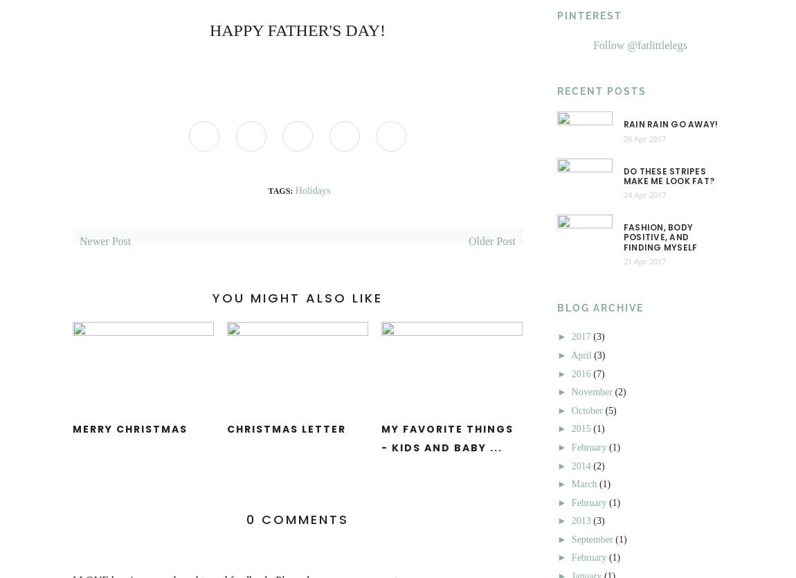 This screenshot has height=578, width=796. Describe the element at coordinates (605, 409) in the screenshot. I see `'(5)'` at that location.